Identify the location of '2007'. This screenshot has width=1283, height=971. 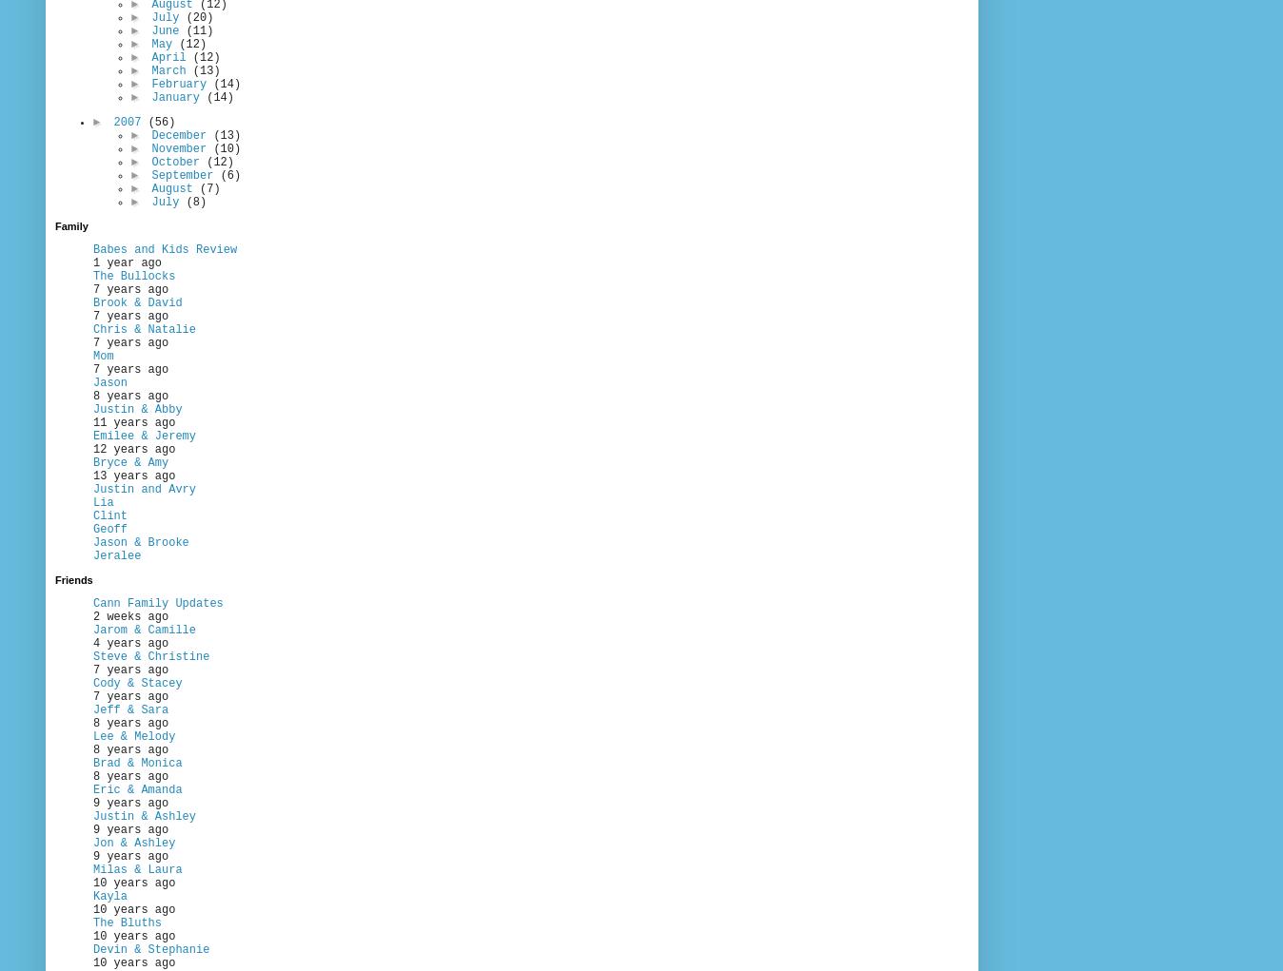
(128, 122).